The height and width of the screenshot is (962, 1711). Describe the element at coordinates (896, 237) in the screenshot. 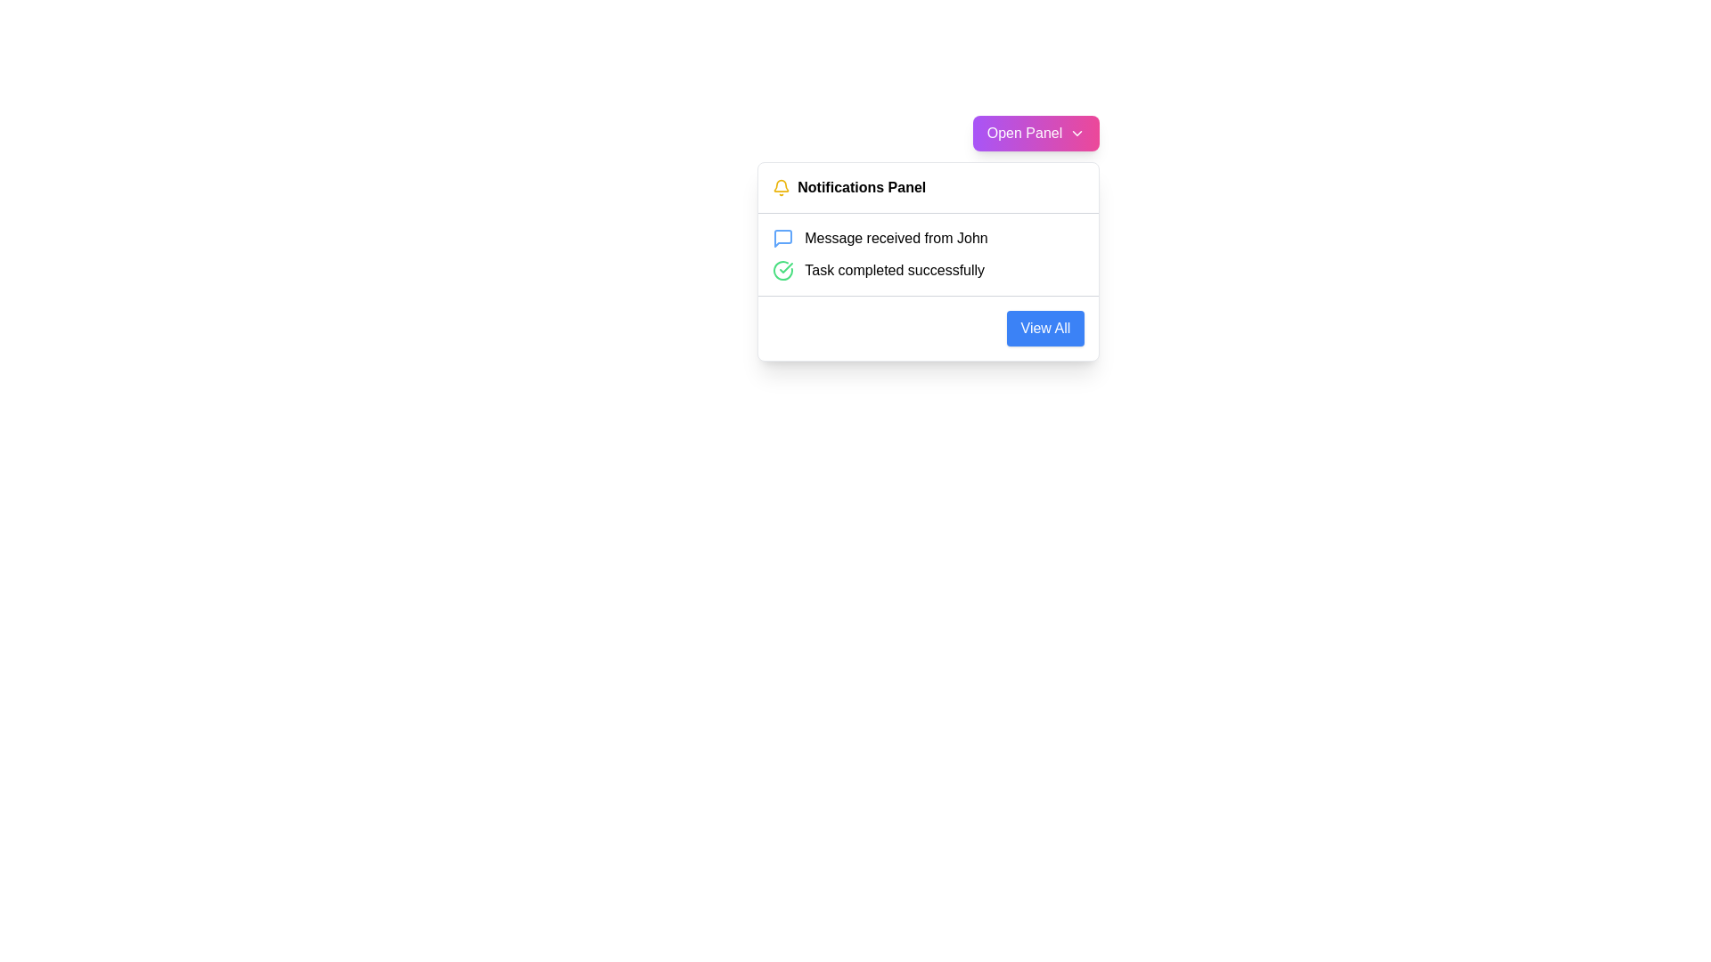

I see `the text element reading 'Message received from John'` at that location.